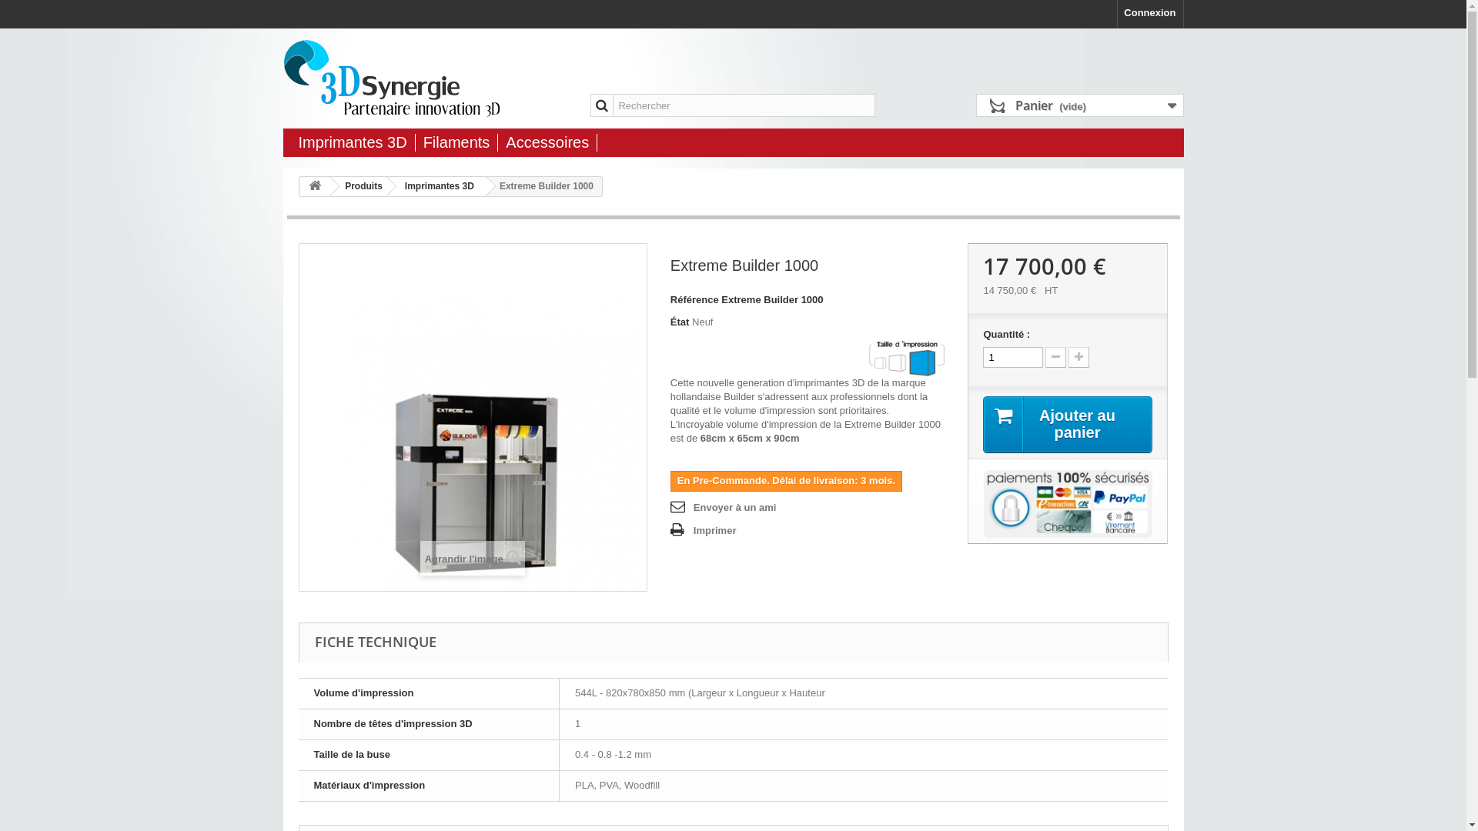 The width and height of the screenshot is (1478, 831). Describe the element at coordinates (981, 424) in the screenshot. I see `'Ajouter au panier'` at that location.